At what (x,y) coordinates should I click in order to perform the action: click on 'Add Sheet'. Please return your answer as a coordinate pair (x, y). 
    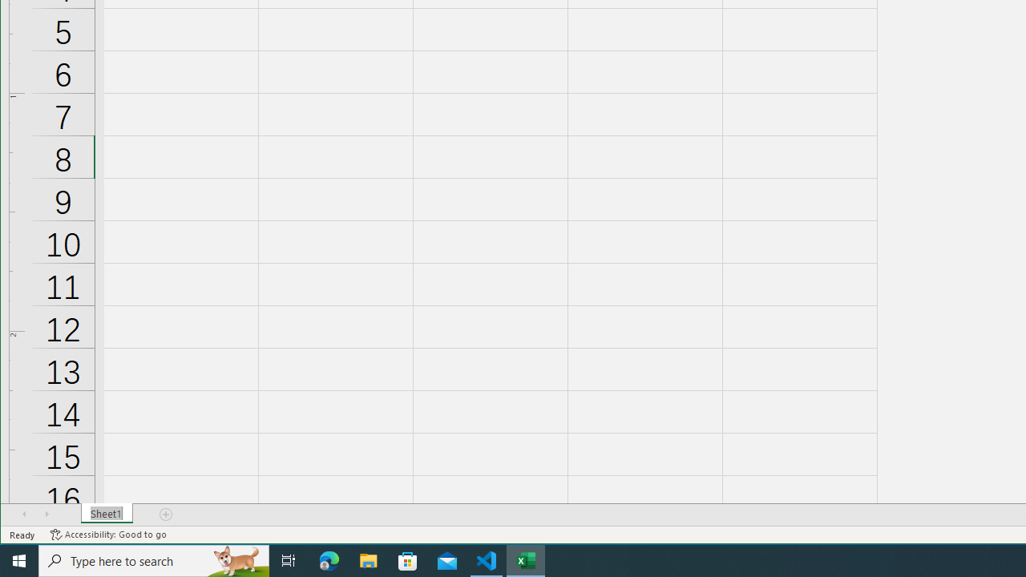
    Looking at the image, I should click on (167, 514).